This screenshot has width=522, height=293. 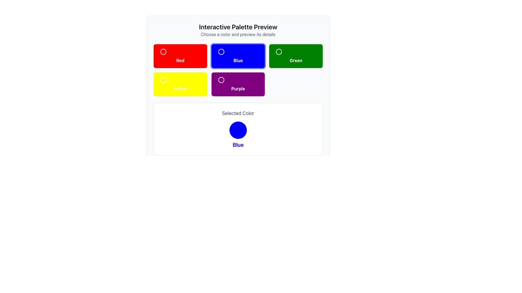 I want to click on the blue color selection button located in the middle of the top row of color buttons in the 'Interactive Palette Preview' section, so click(x=238, y=52).